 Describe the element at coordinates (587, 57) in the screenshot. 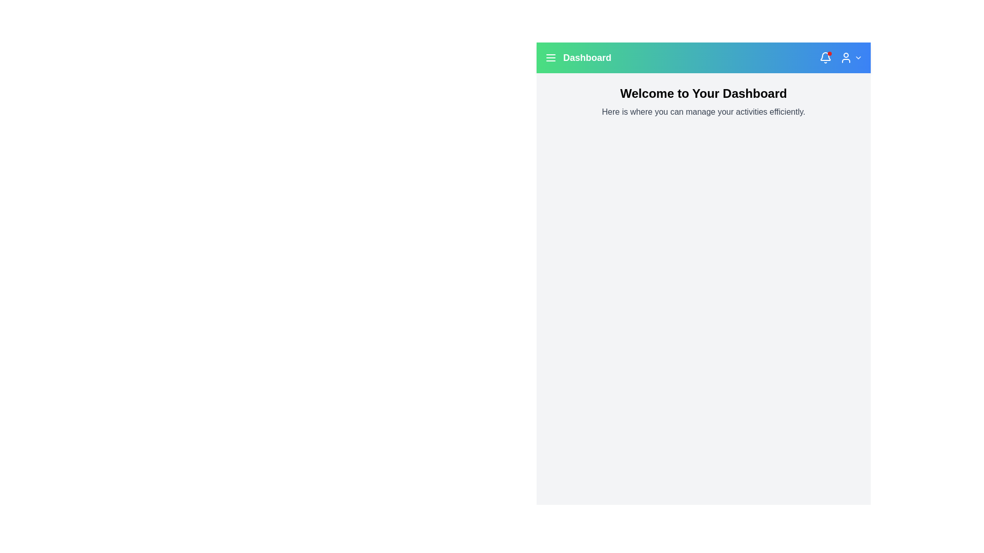

I see `text label displaying 'Dashboard' which is prominently positioned in the top-left corner of the page on a green background` at that location.